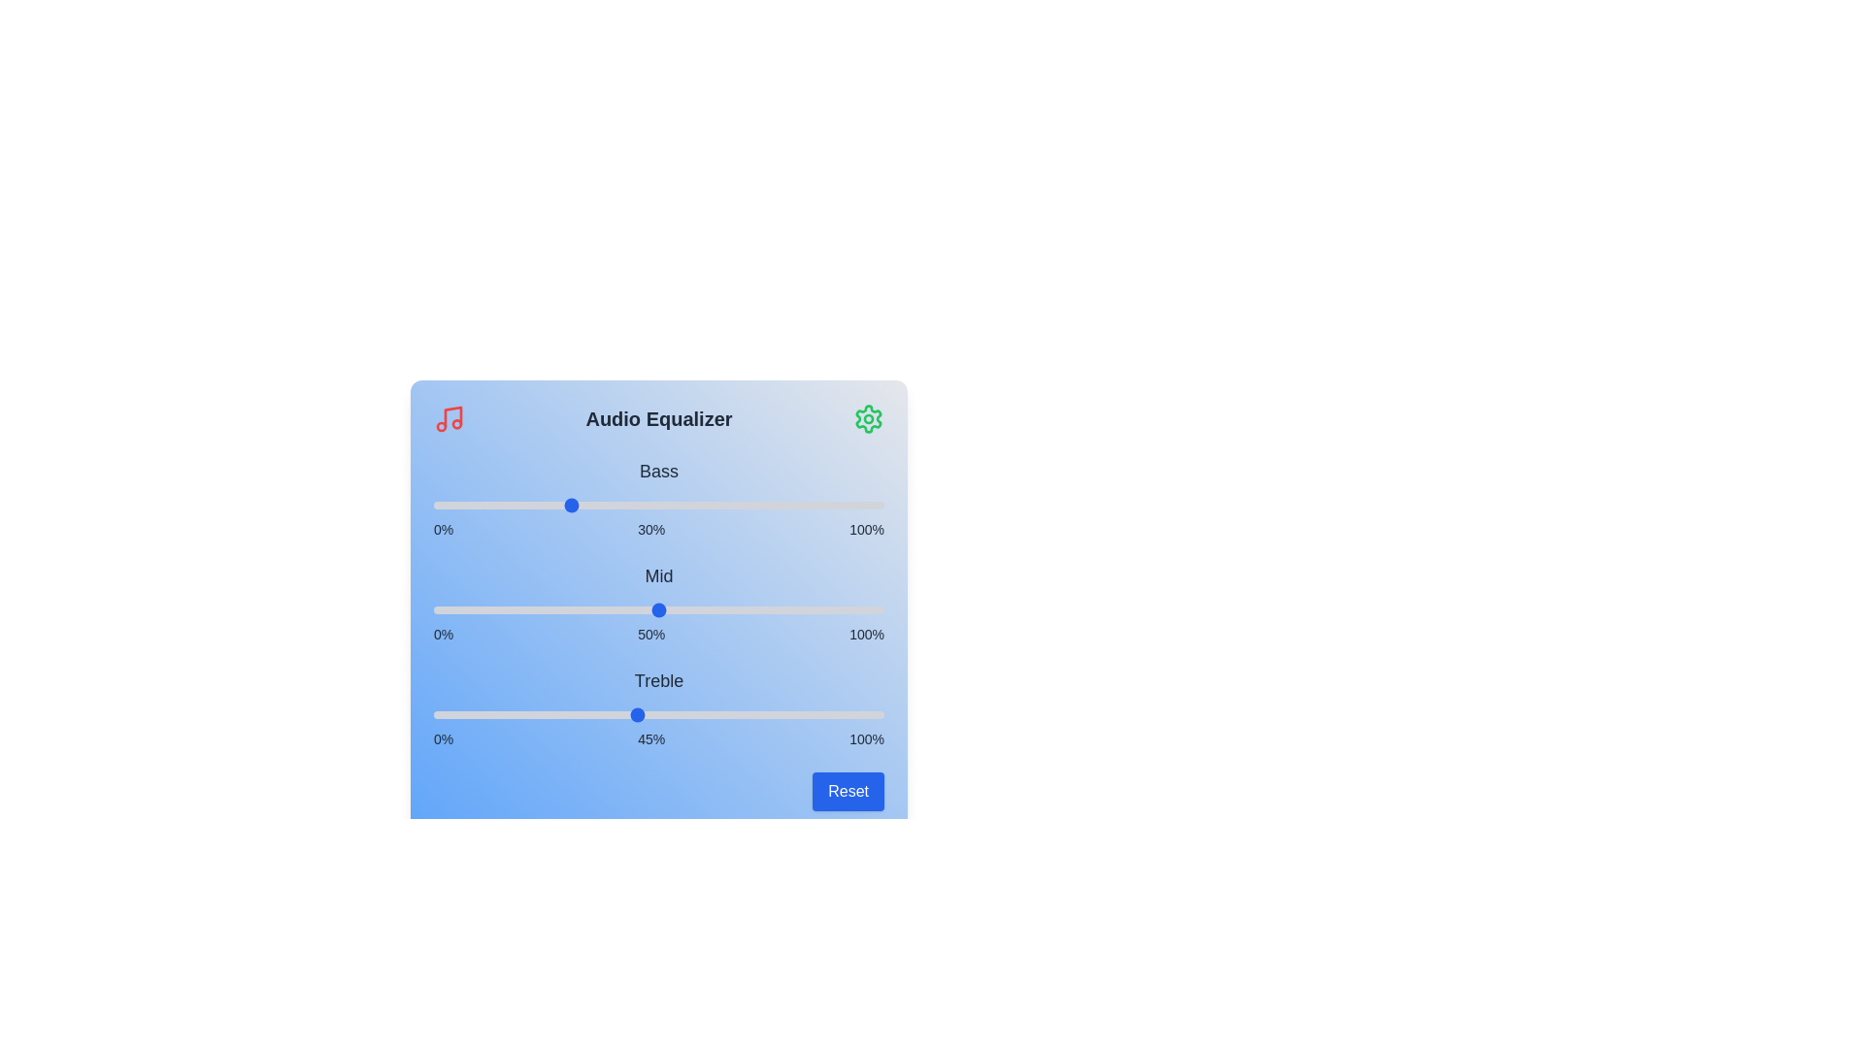  Describe the element at coordinates (848, 792) in the screenshot. I see `reset button to restore default values` at that location.